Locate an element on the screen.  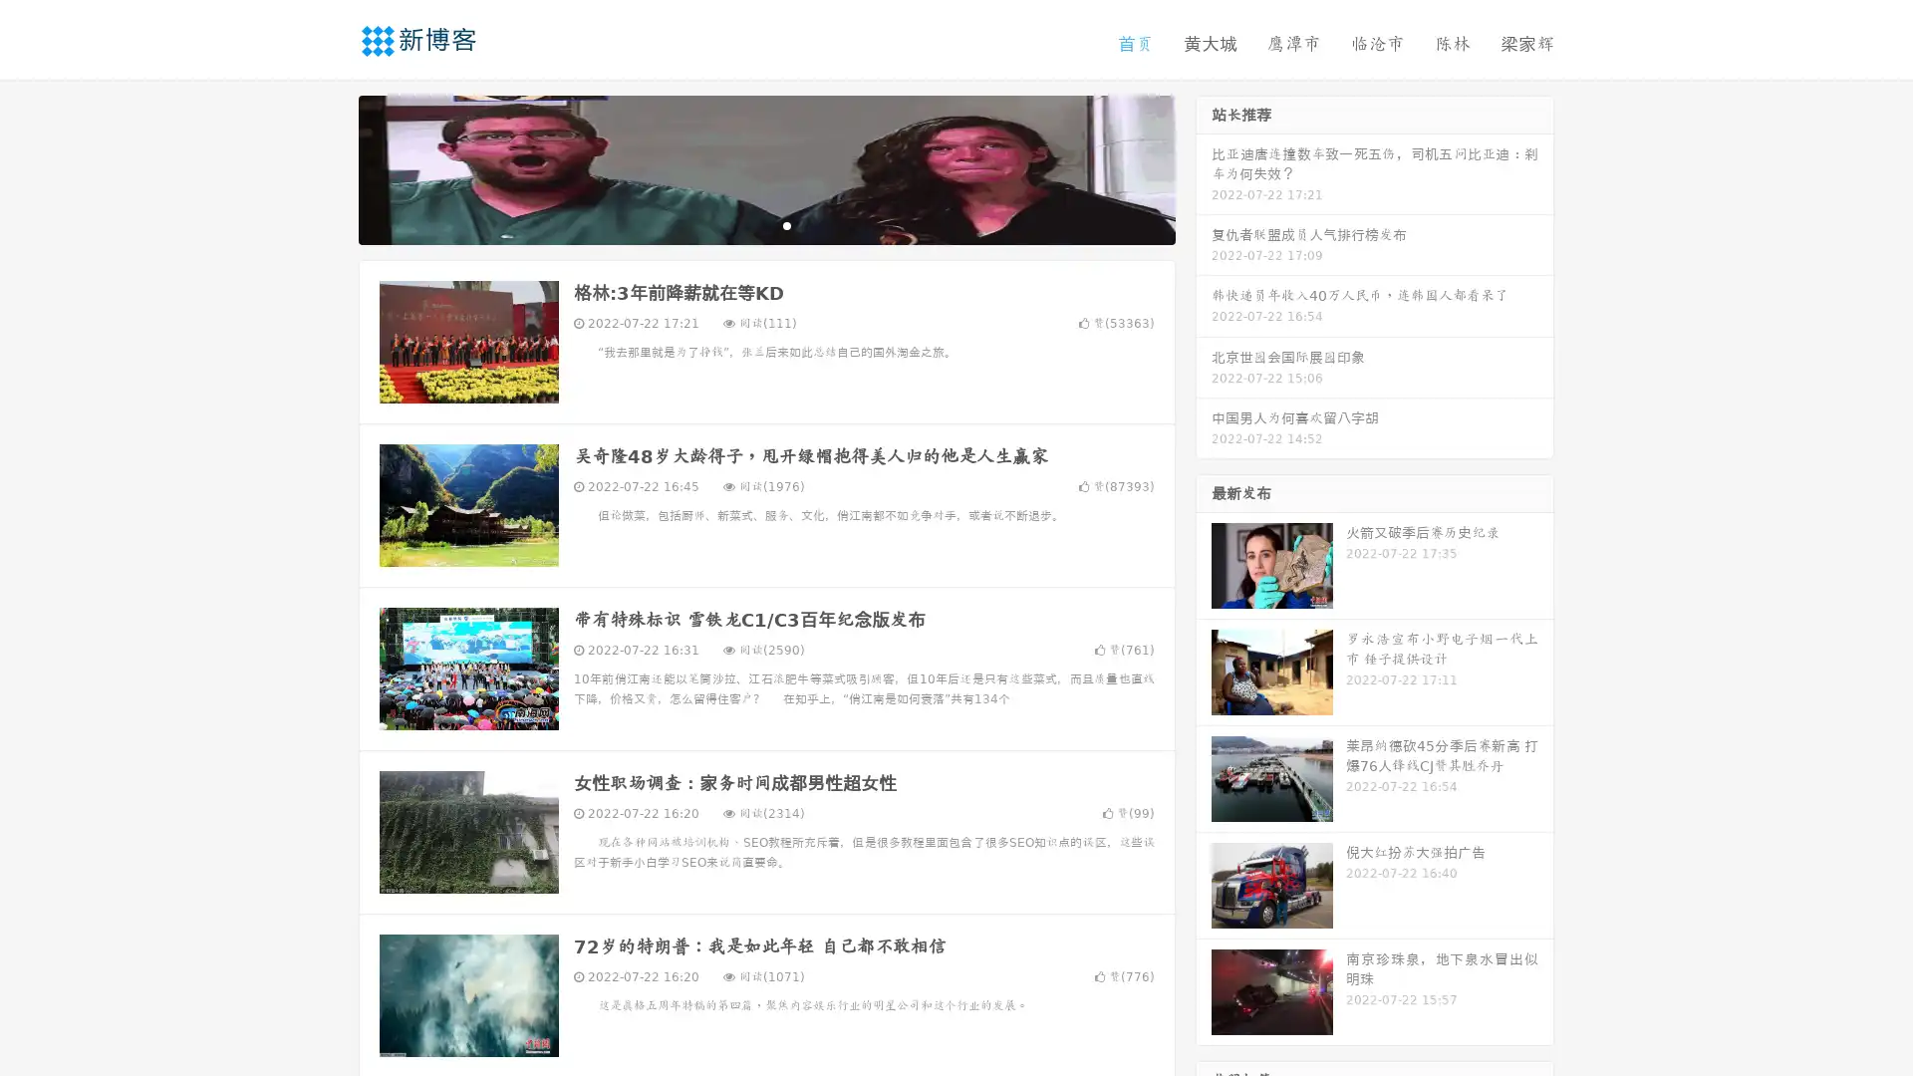
Go to slide 1 is located at coordinates (745, 224).